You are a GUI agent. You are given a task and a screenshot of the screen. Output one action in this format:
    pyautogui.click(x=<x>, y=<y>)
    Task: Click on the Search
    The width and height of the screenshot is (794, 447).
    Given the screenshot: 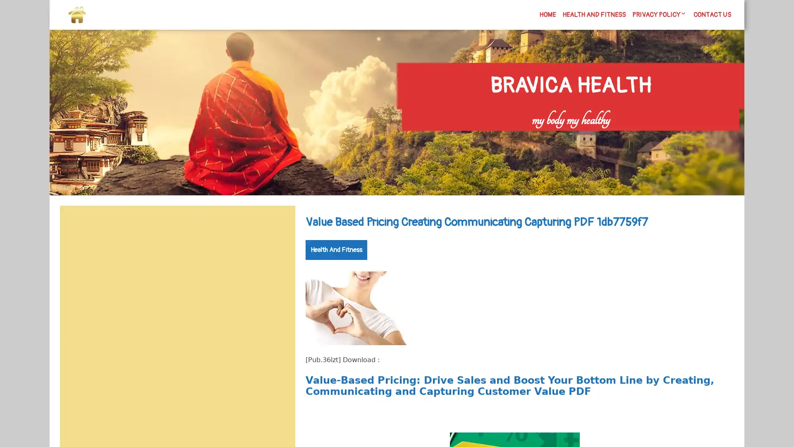 What is the action you would take?
    pyautogui.click(x=276, y=226)
    